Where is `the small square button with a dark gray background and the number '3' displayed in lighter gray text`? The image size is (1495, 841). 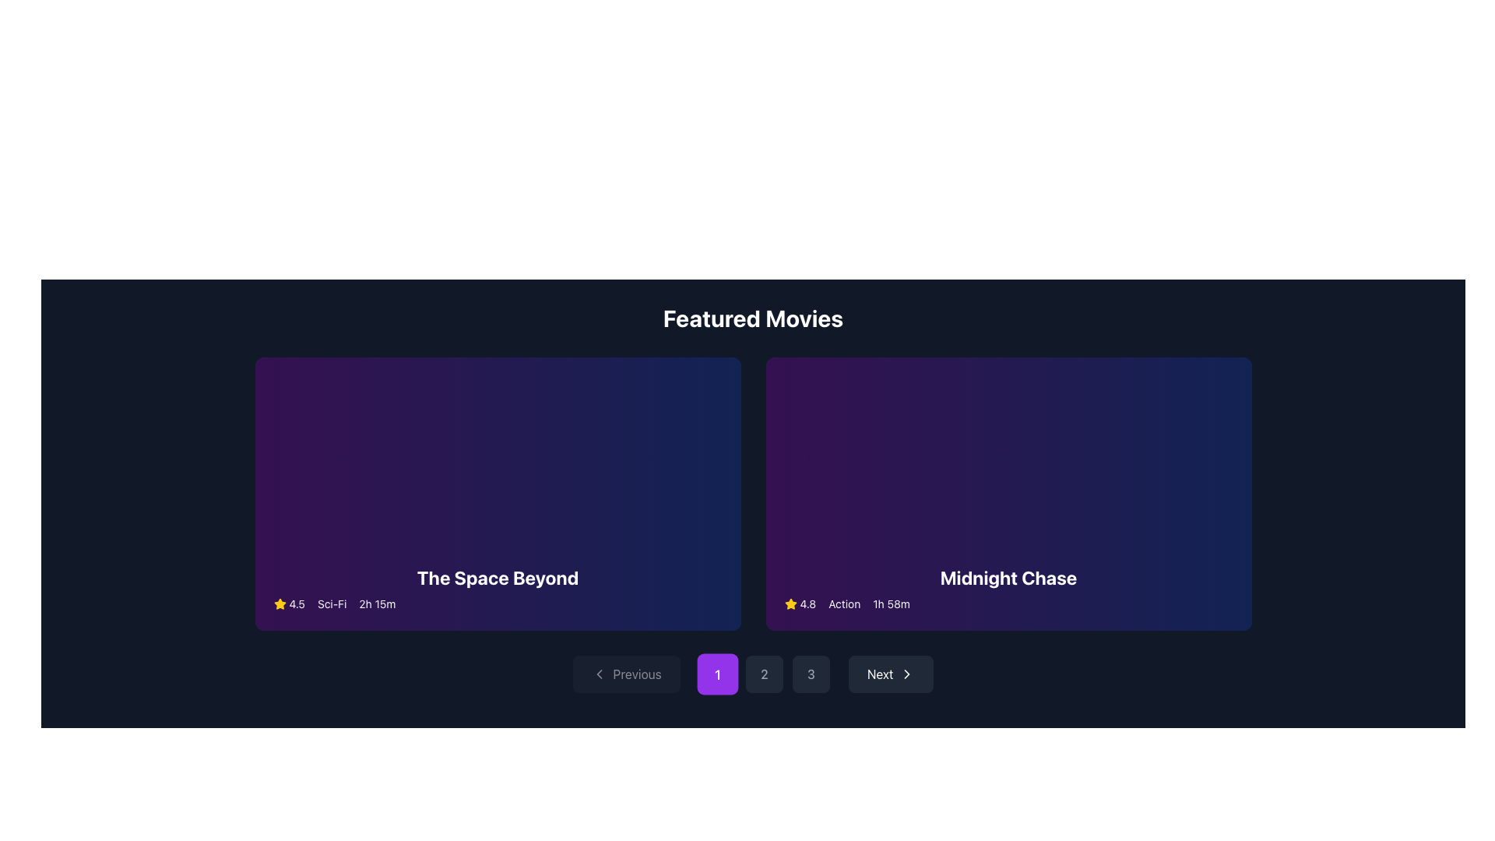 the small square button with a dark gray background and the number '3' displayed in lighter gray text is located at coordinates (810, 674).